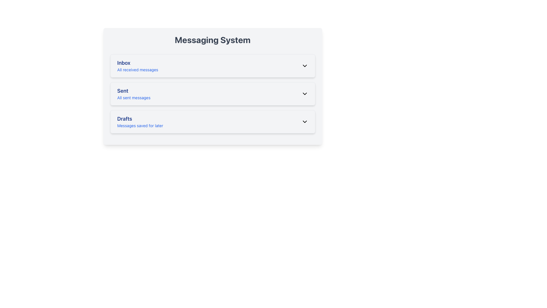 The image size is (547, 308). I want to click on the text label displaying 'All received messages' which is styled with a smaller font size and blue color, located directly below the 'Inbox' label, so click(138, 70).